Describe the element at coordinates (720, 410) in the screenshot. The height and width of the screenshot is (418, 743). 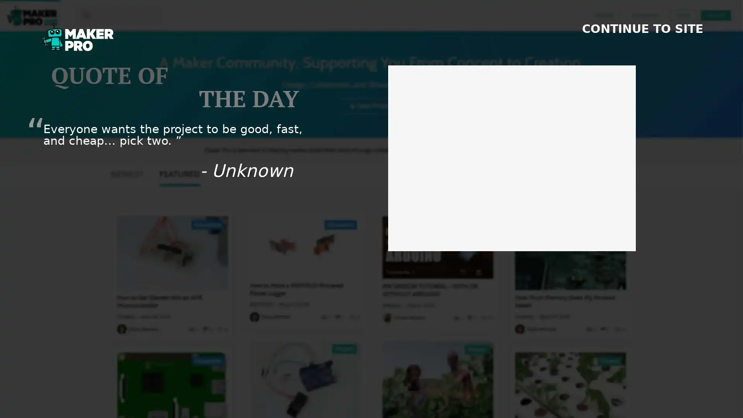
I see `SHOW FOOTER` at that location.